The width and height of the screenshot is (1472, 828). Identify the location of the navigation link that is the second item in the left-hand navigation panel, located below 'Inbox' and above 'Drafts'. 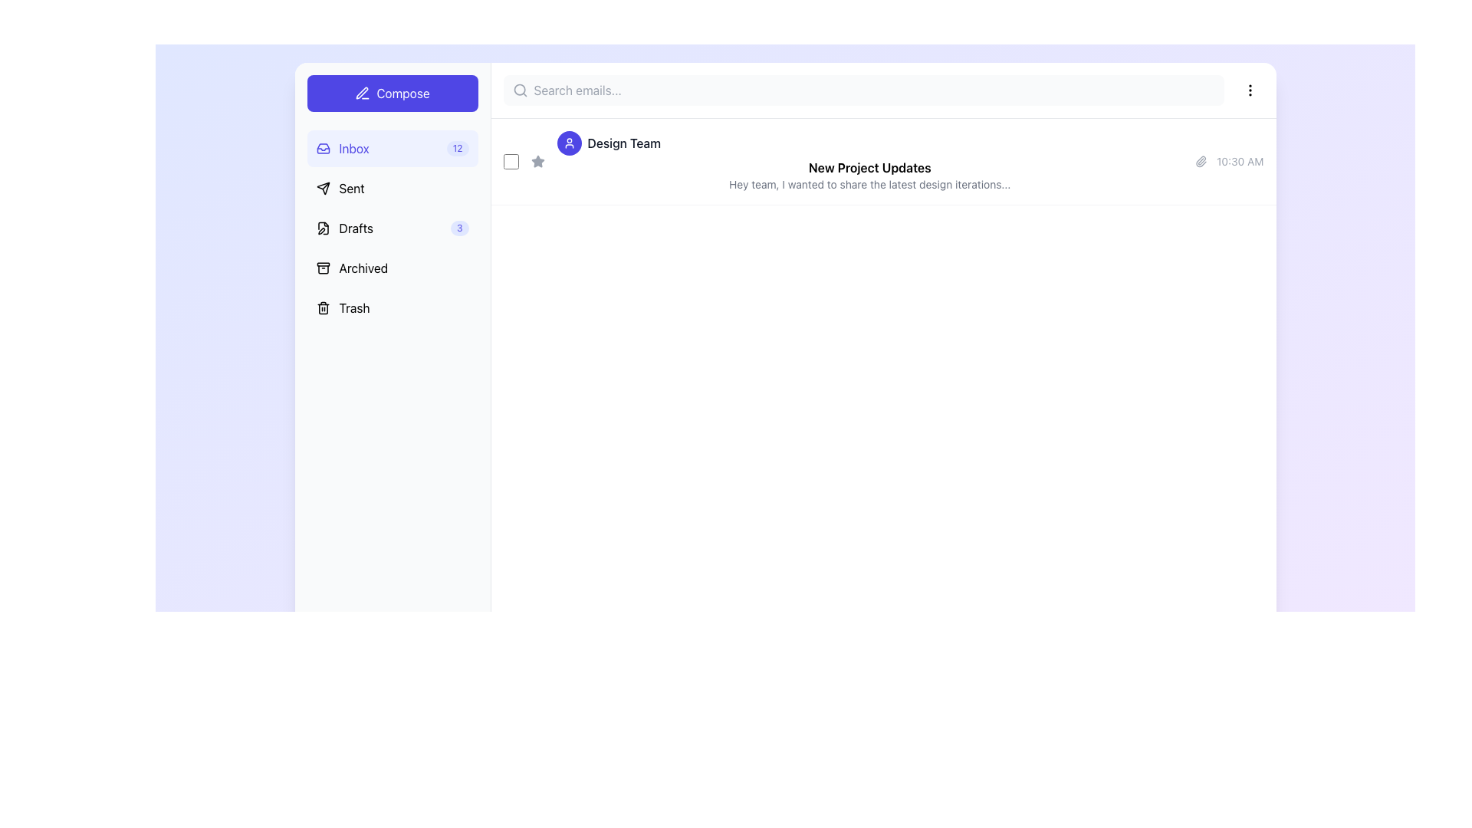
(340, 188).